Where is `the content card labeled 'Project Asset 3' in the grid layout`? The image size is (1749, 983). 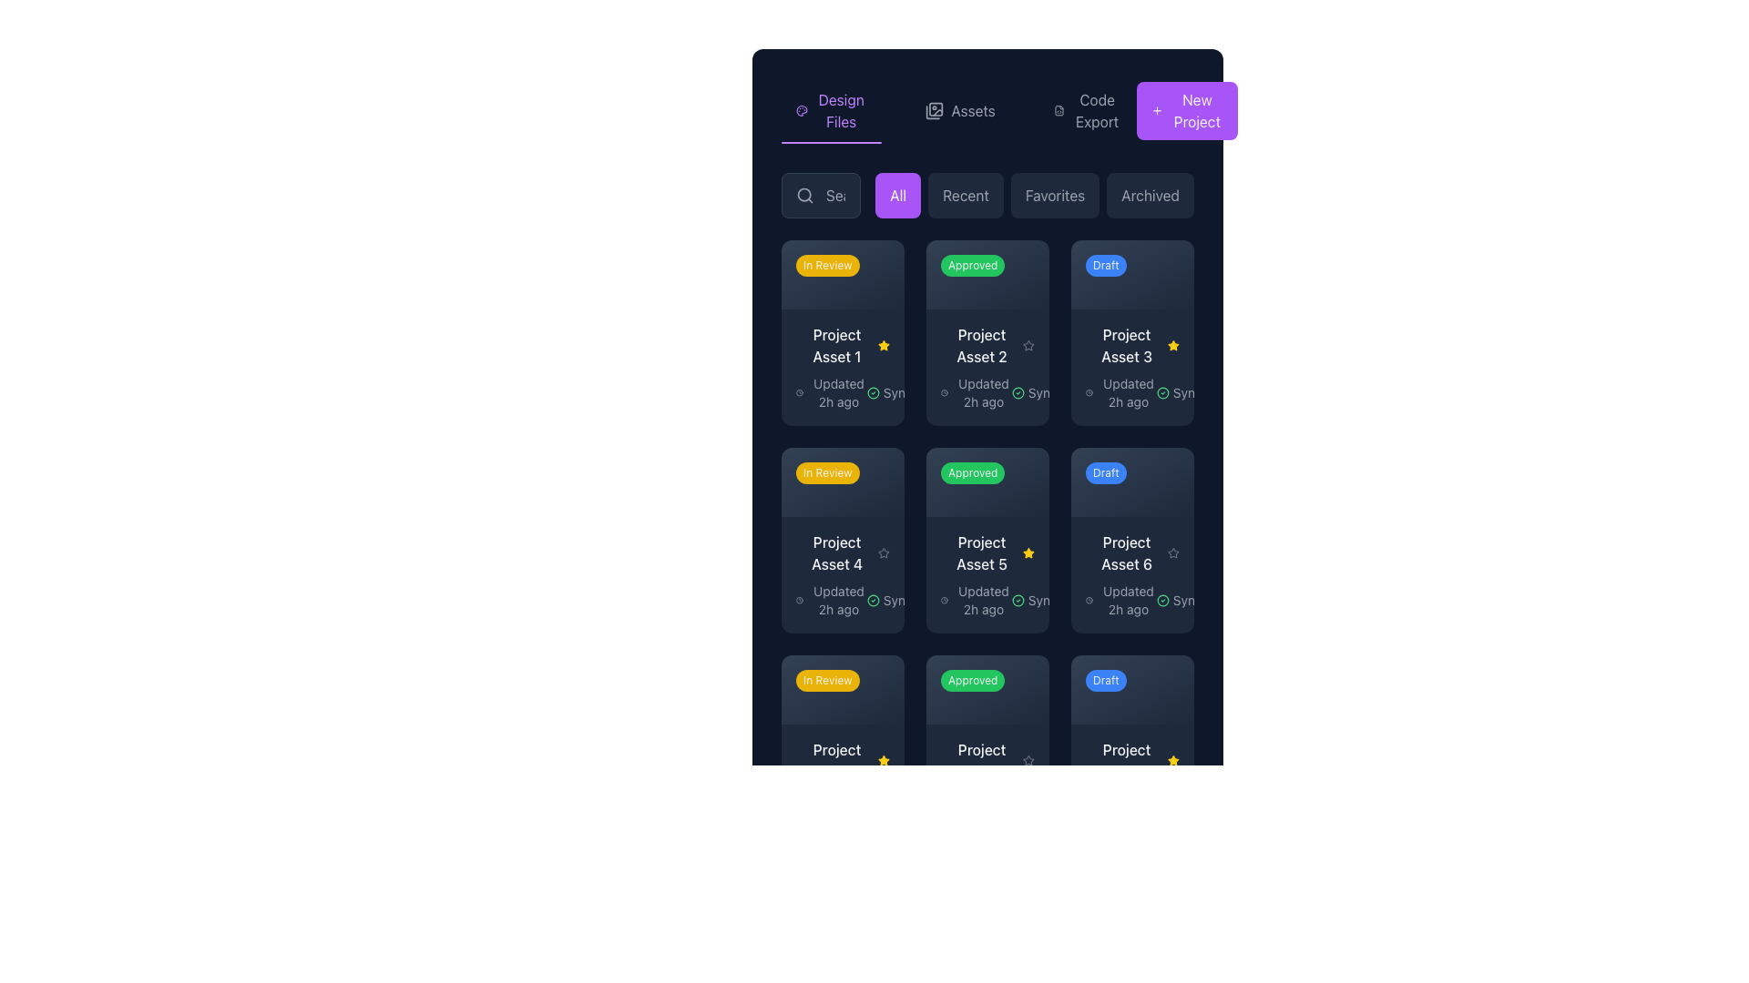
the content card labeled 'Project Asset 3' in the grid layout is located at coordinates (1131, 333).